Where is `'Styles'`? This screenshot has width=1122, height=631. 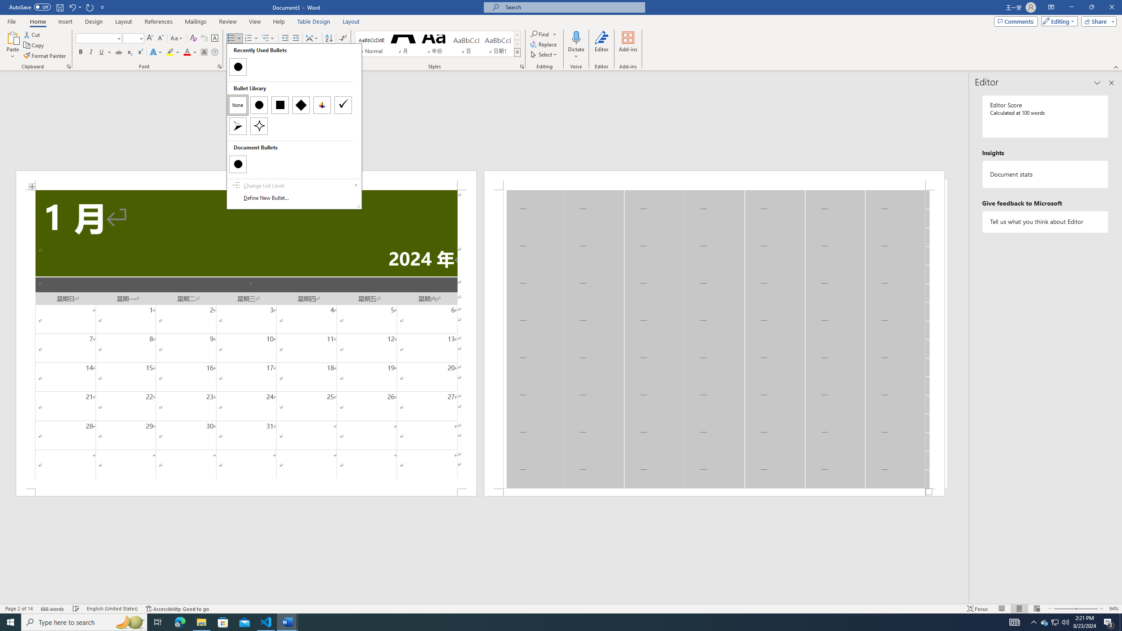 'Styles' is located at coordinates (517, 52).